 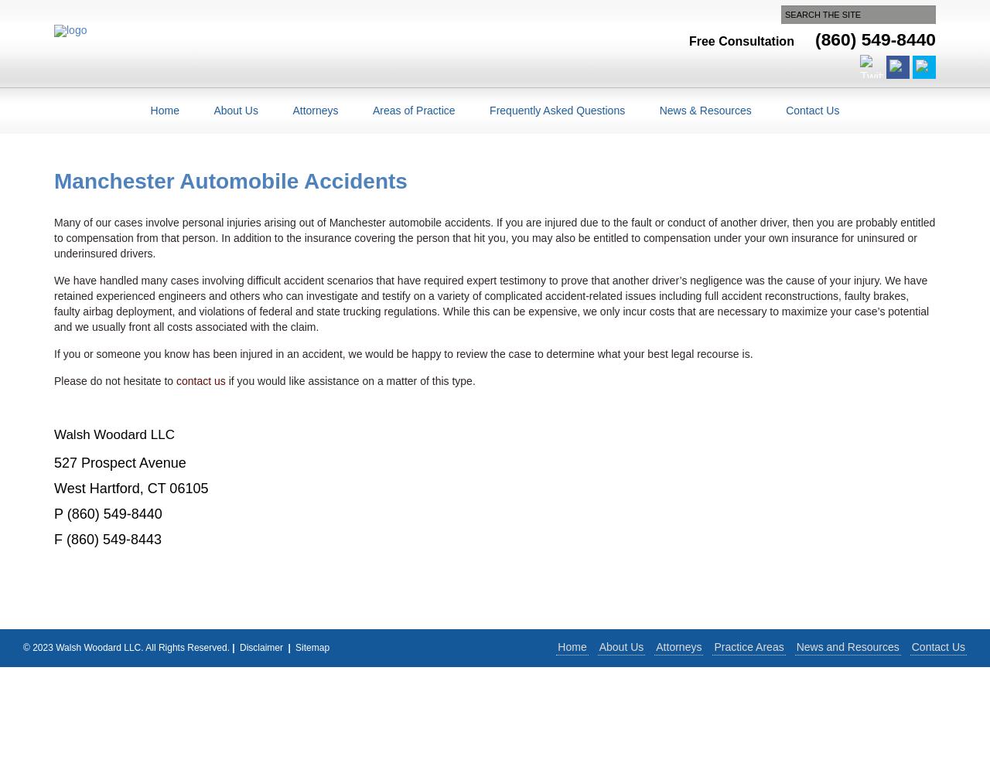 What do you see at coordinates (131, 488) in the screenshot?
I see `'West Hartford, CT 06105'` at bounding box center [131, 488].